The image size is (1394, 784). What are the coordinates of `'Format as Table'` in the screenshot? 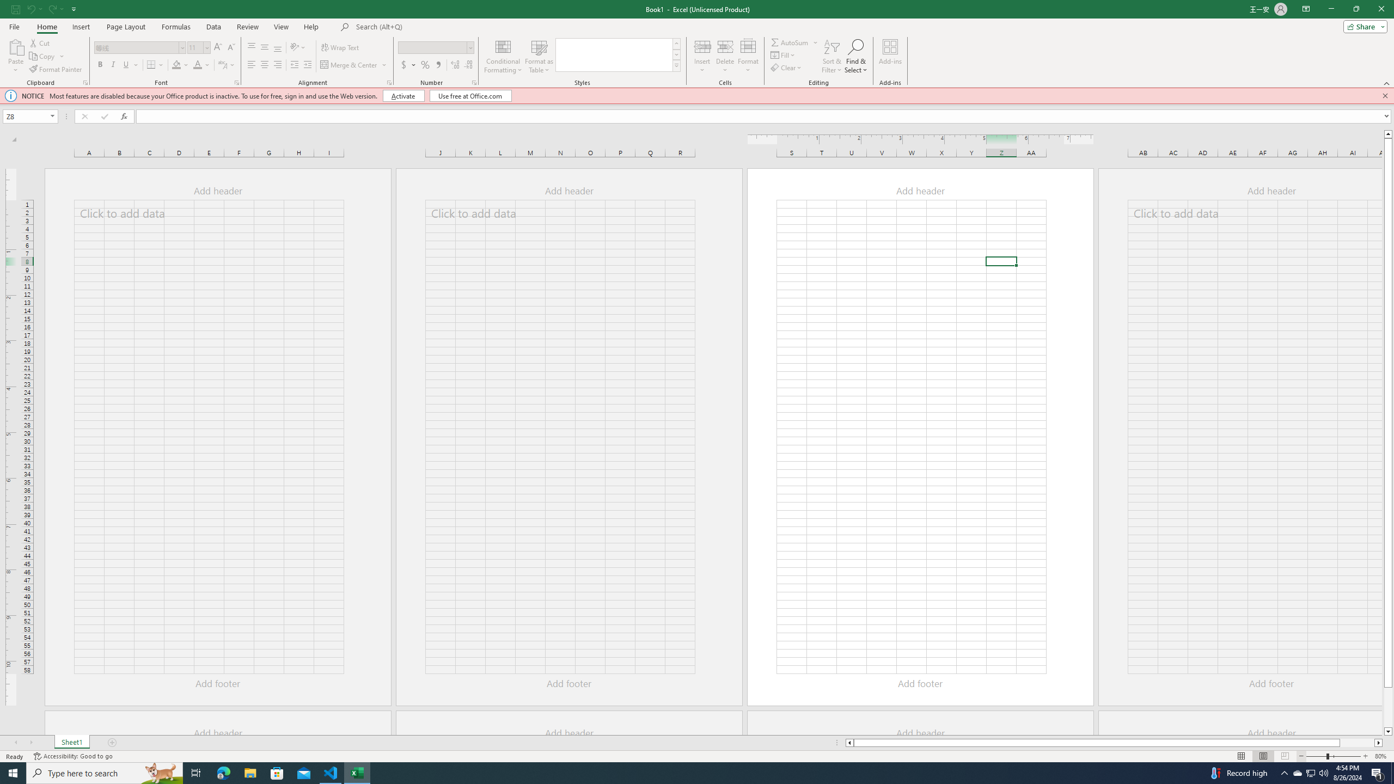 It's located at (539, 56).